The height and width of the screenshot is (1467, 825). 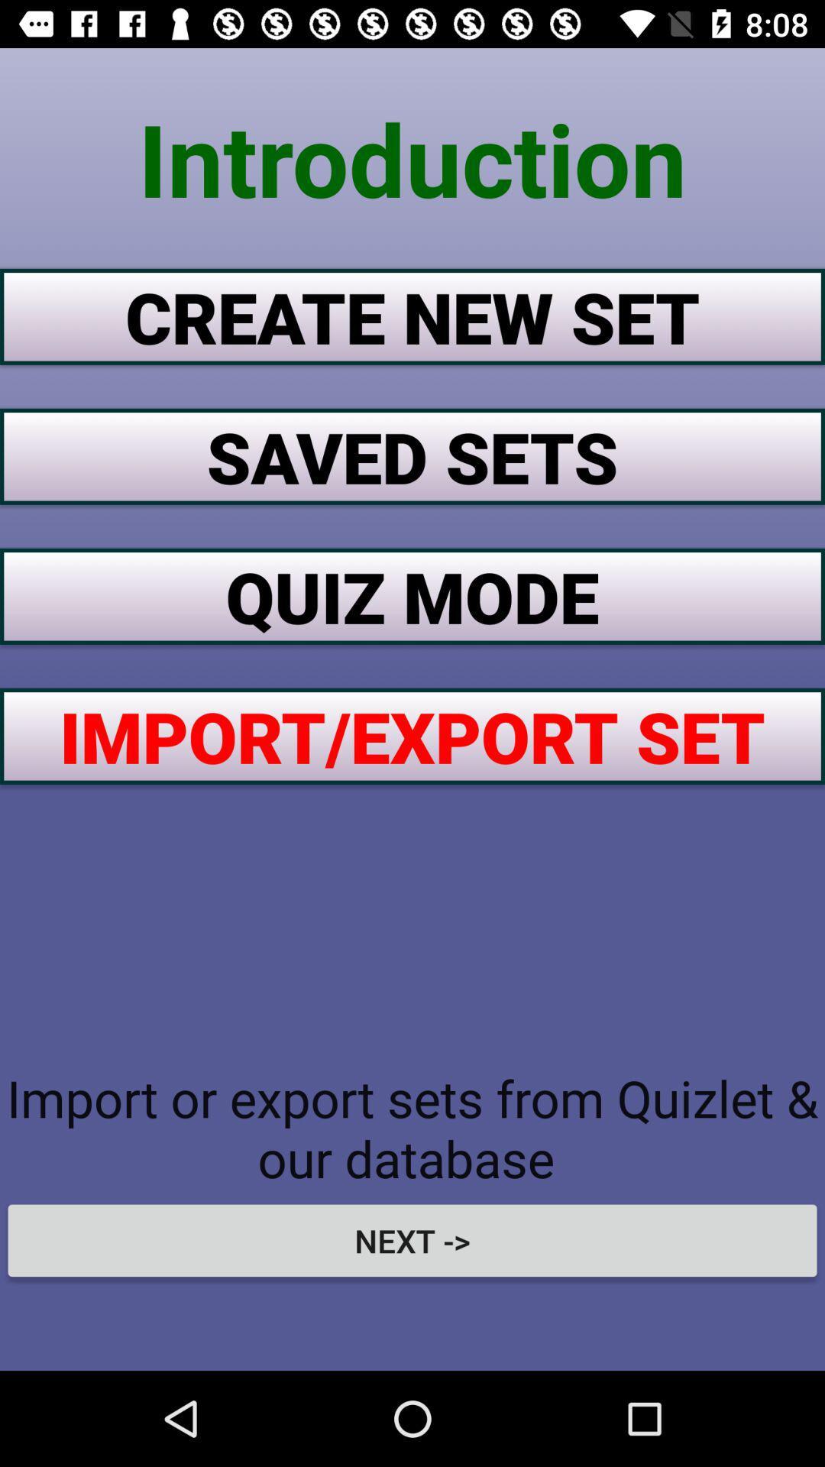 I want to click on the next -> button, so click(x=412, y=1240).